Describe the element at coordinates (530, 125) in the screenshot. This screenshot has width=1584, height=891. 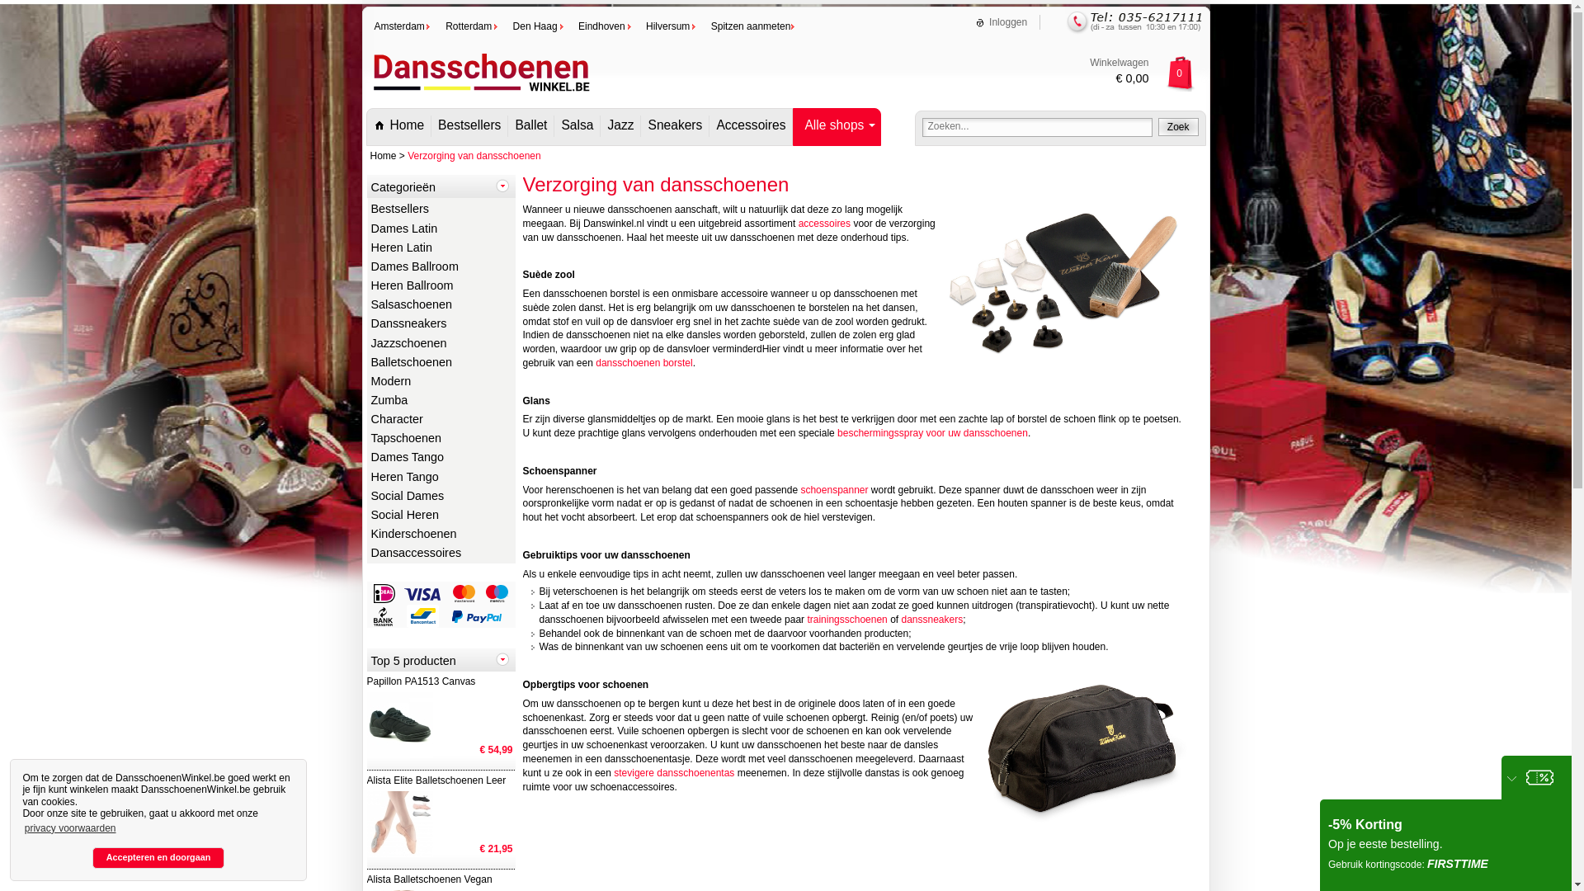
I see `'Ballet'` at that location.